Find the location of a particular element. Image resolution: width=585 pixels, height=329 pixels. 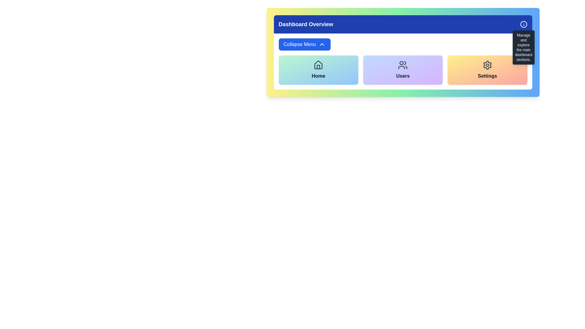

the Tooltip-trigger icon located at the top-right corner of the header section, to interact with it and display the information tooltip is located at coordinates (523, 24).